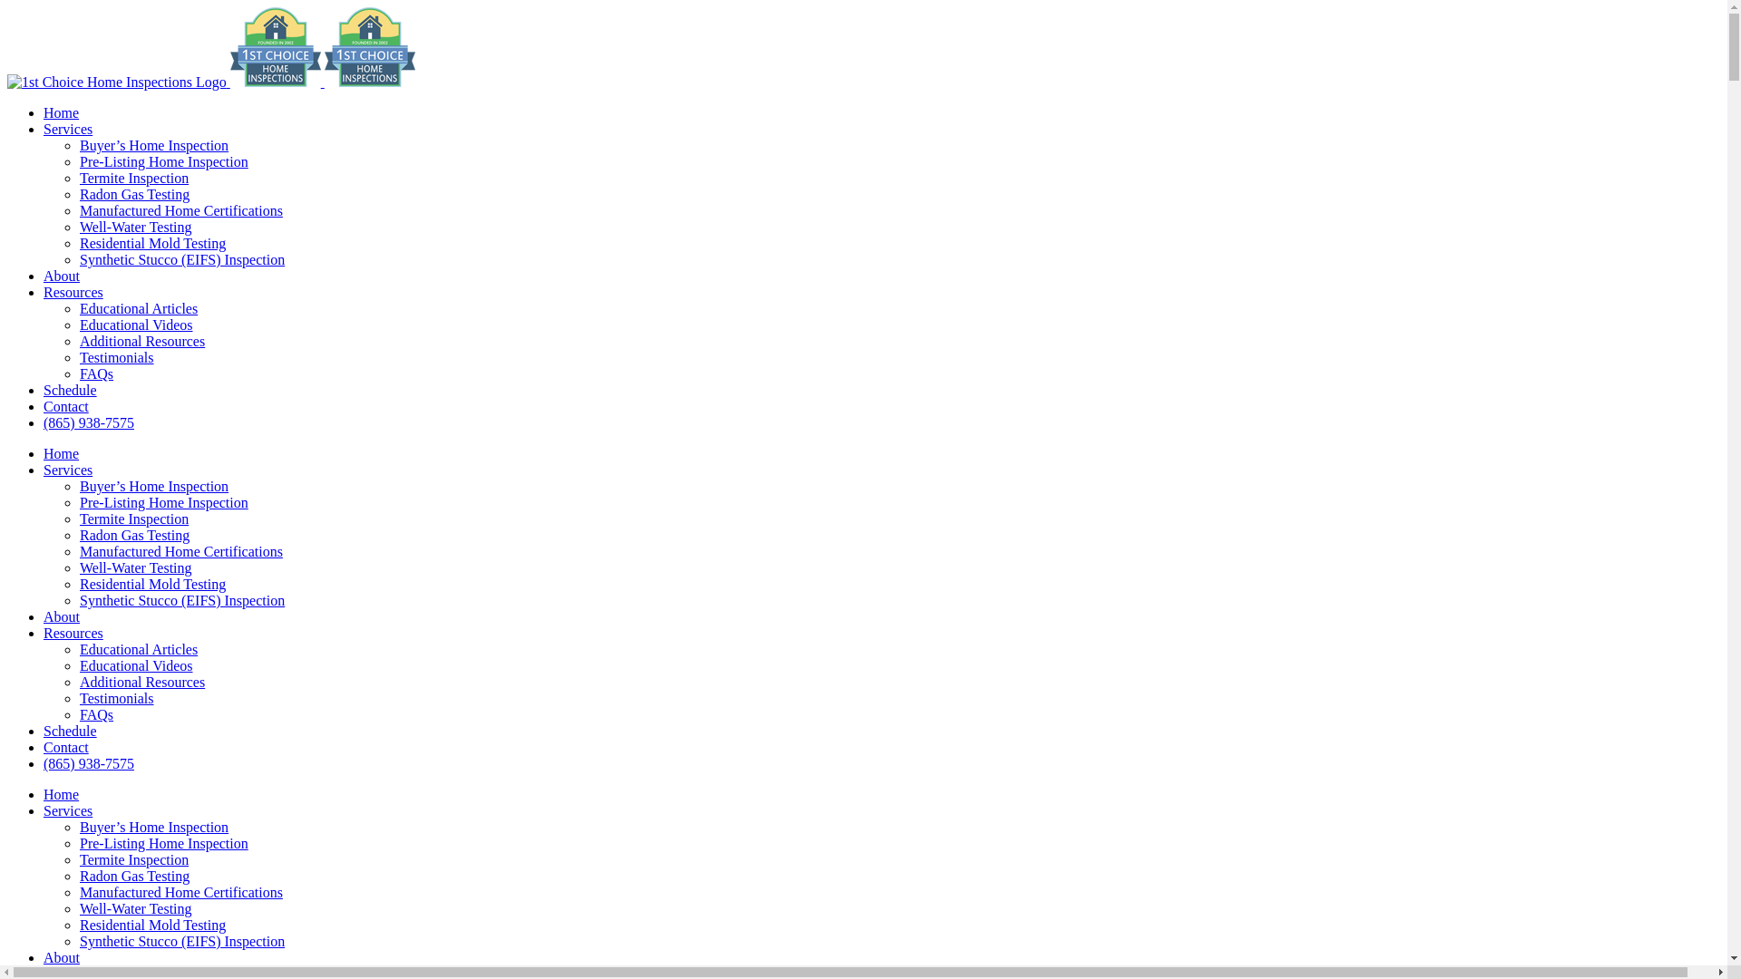 Image resolution: width=1741 pixels, height=979 pixels. I want to click on 'Radon Gas Testing', so click(133, 194).